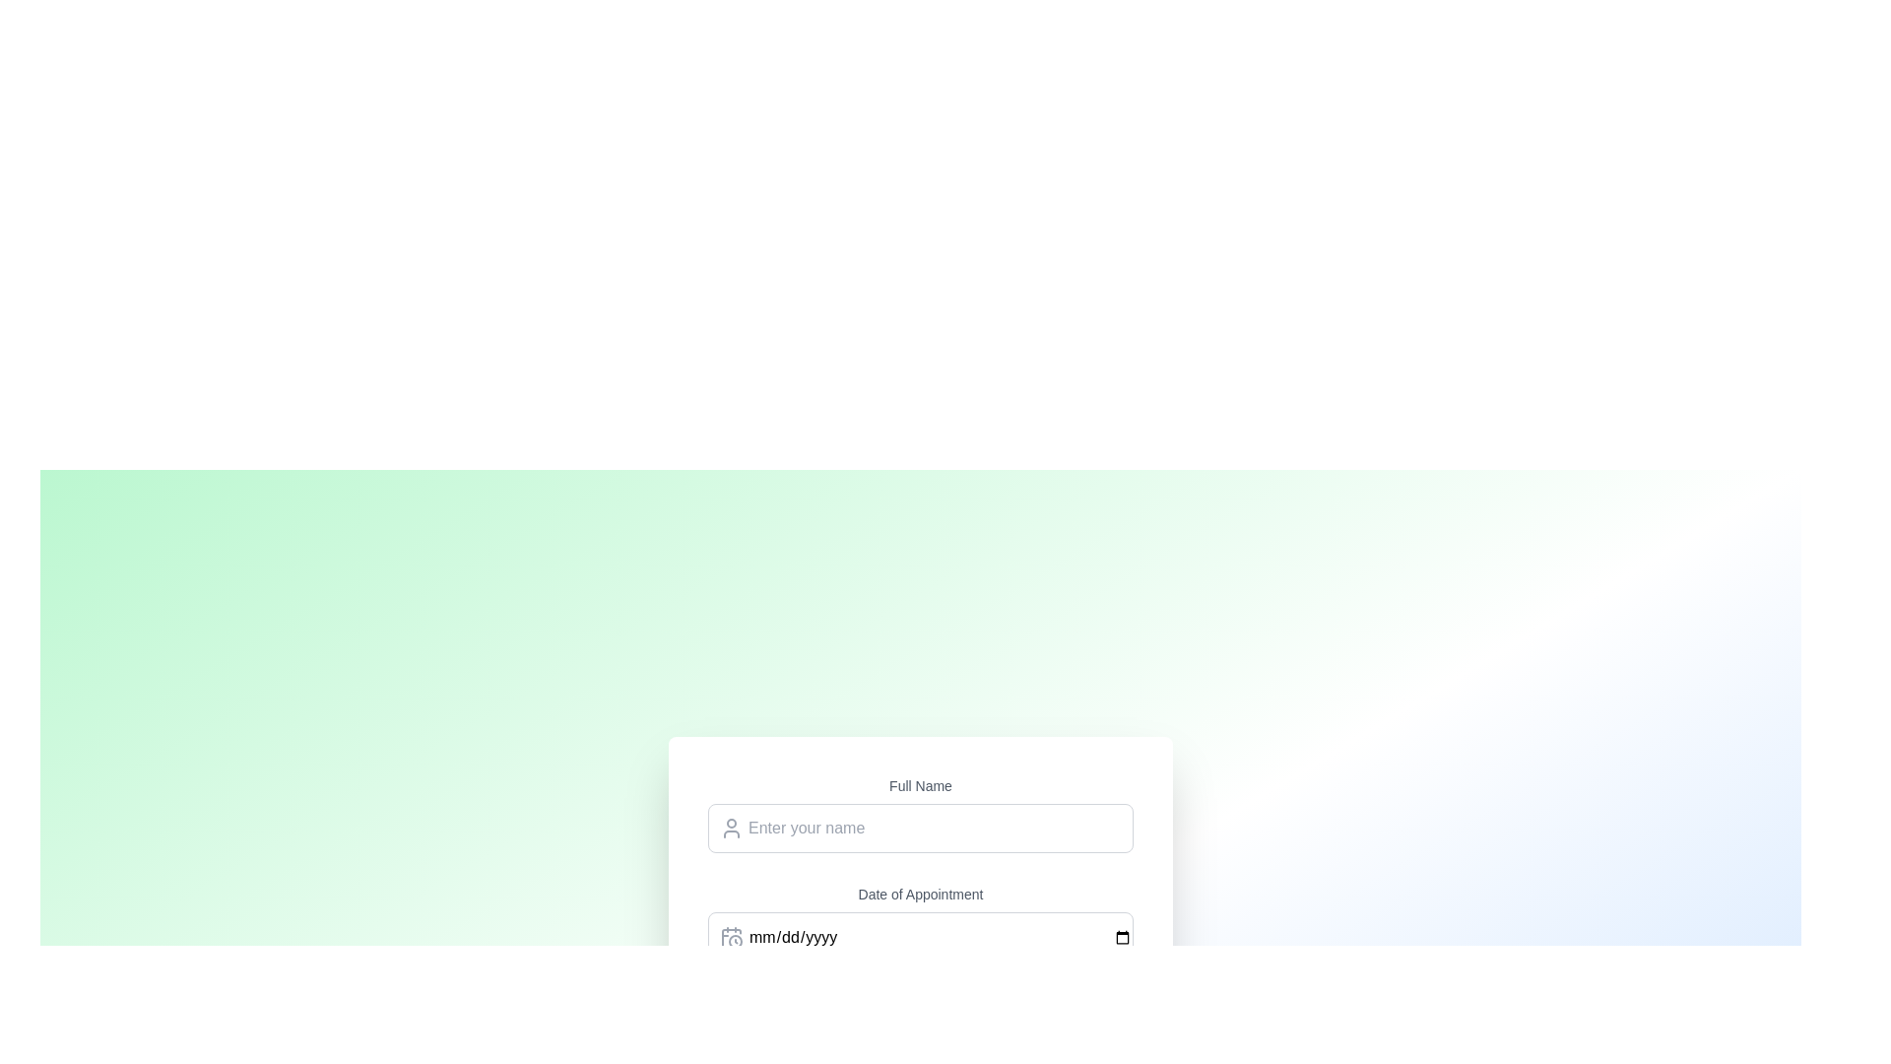 This screenshot has width=1891, height=1064. Describe the element at coordinates (731, 937) in the screenshot. I see `the calendar-clock SVG icon element that is positioned near the 'Date of Appointment' text, specifically targeting the leftmost group of elements within the icon` at that location.